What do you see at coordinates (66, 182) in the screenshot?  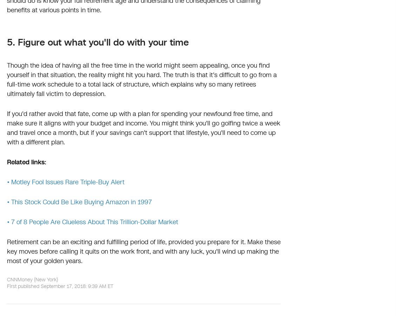 I see `'• Motley Fool Issues Rare Triple-Buy Alert'` at bounding box center [66, 182].